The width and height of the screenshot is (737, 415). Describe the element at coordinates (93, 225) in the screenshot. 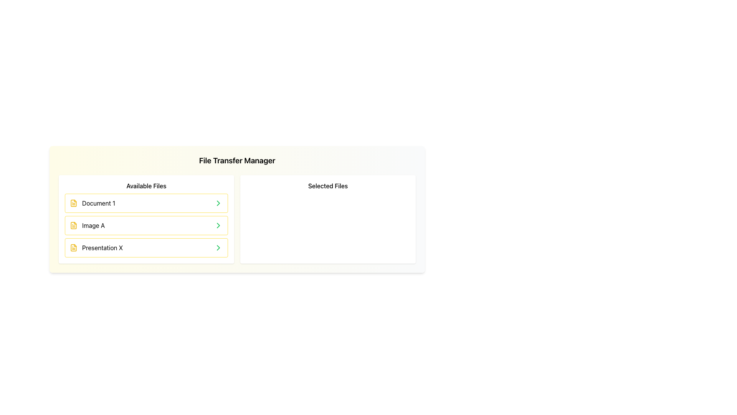

I see `the text label representing 'Image A'` at that location.